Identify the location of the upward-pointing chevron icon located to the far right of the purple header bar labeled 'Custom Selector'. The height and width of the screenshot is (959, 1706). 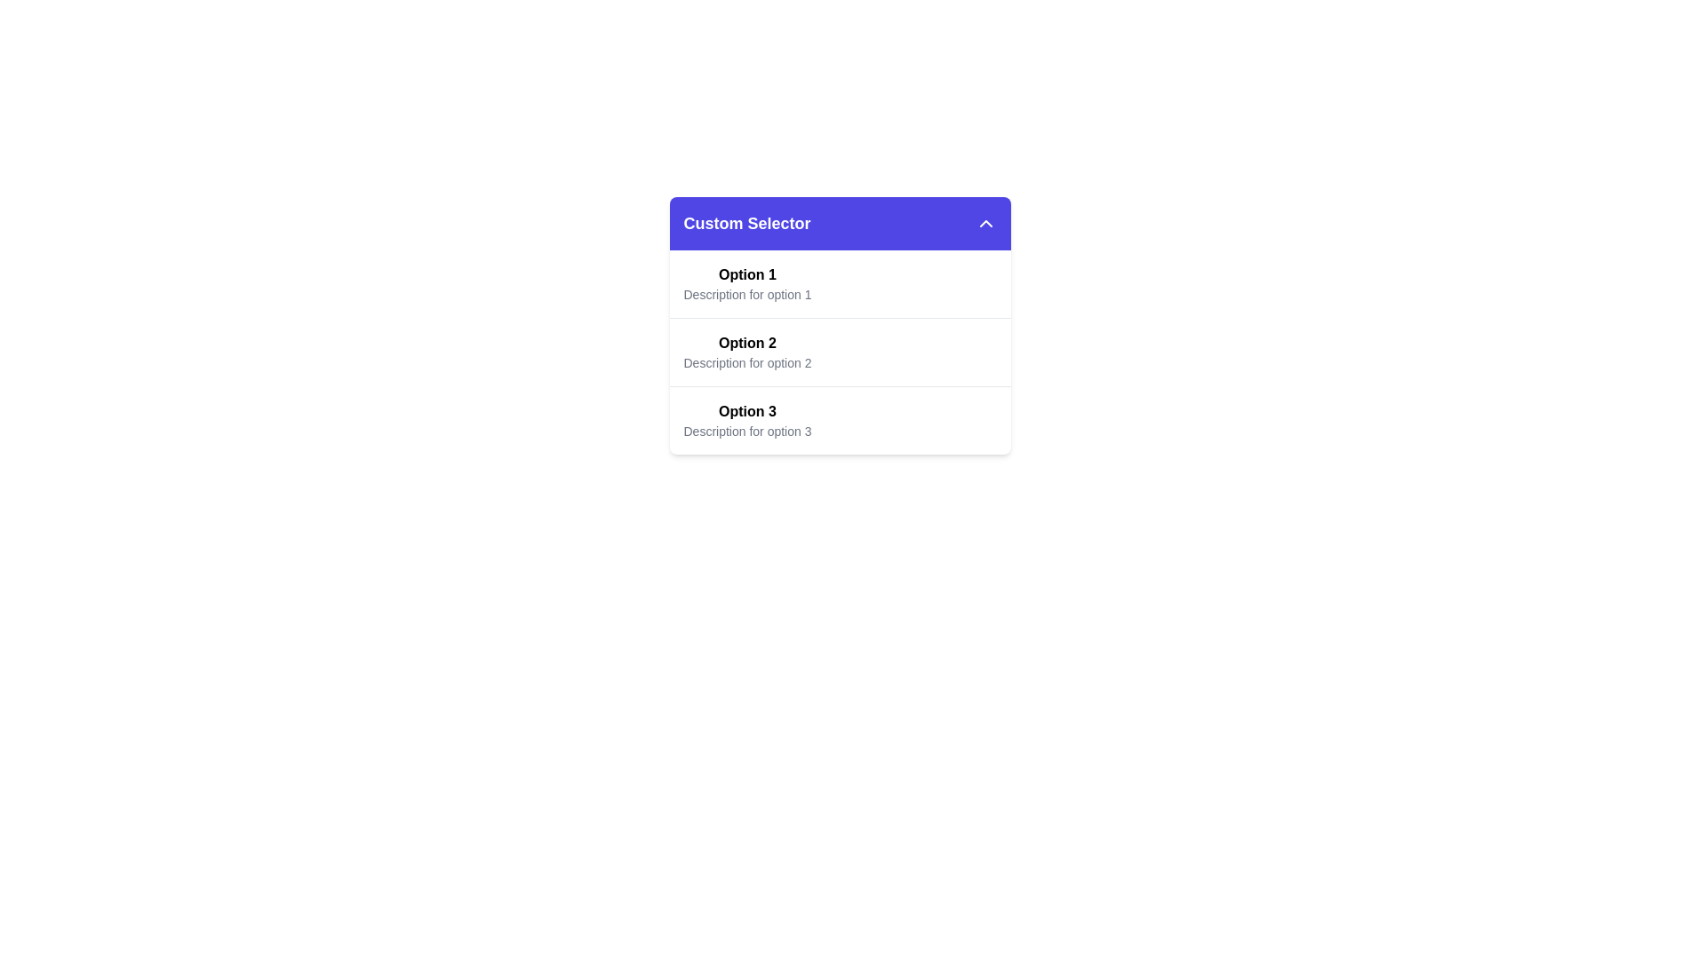
(985, 222).